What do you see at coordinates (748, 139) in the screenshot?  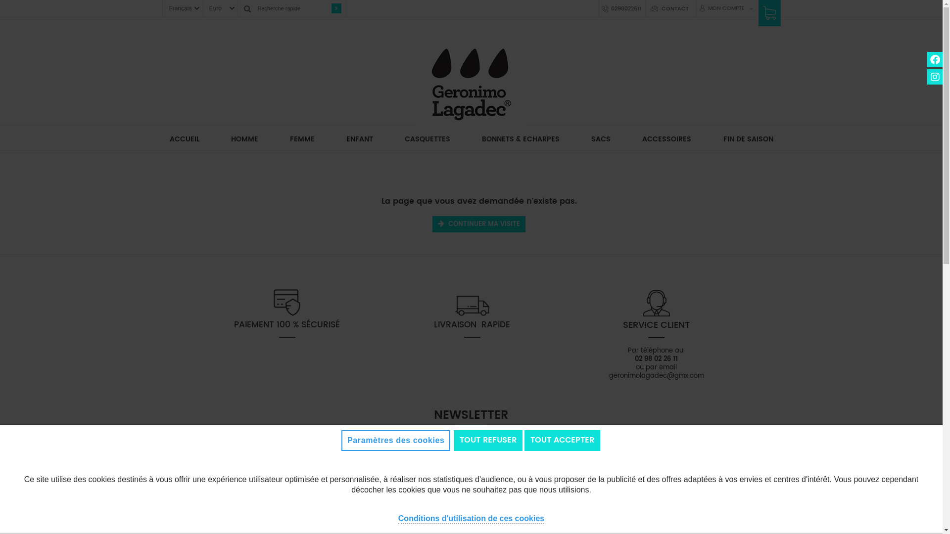 I see `'FIN DE SAISON'` at bounding box center [748, 139].